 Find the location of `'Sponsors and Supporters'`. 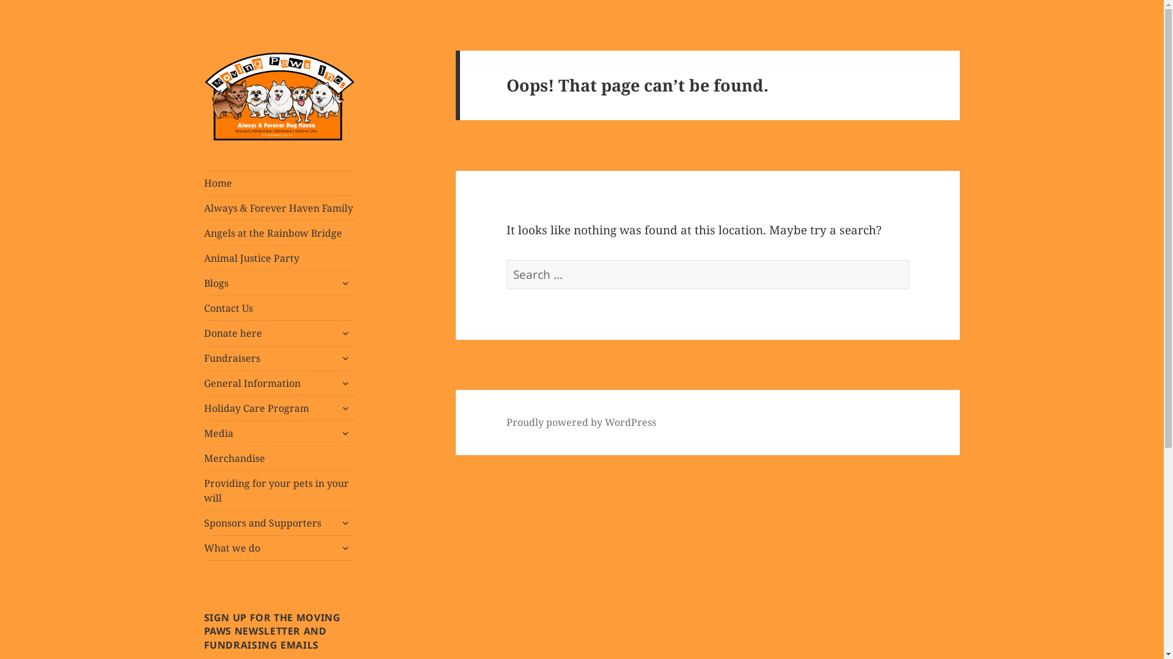

'Sponsors and Supporters' is located at coordinates (204, 522).